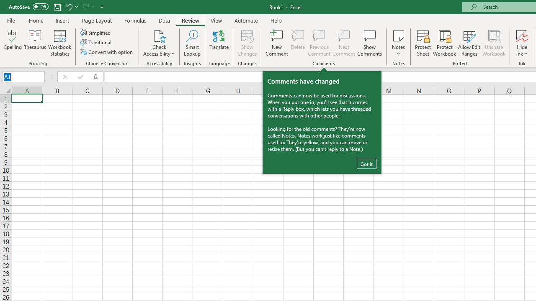 The height and width of the screenshot is (301, 536). I want to click on 'Protect Workbook...', so click(444, 43).